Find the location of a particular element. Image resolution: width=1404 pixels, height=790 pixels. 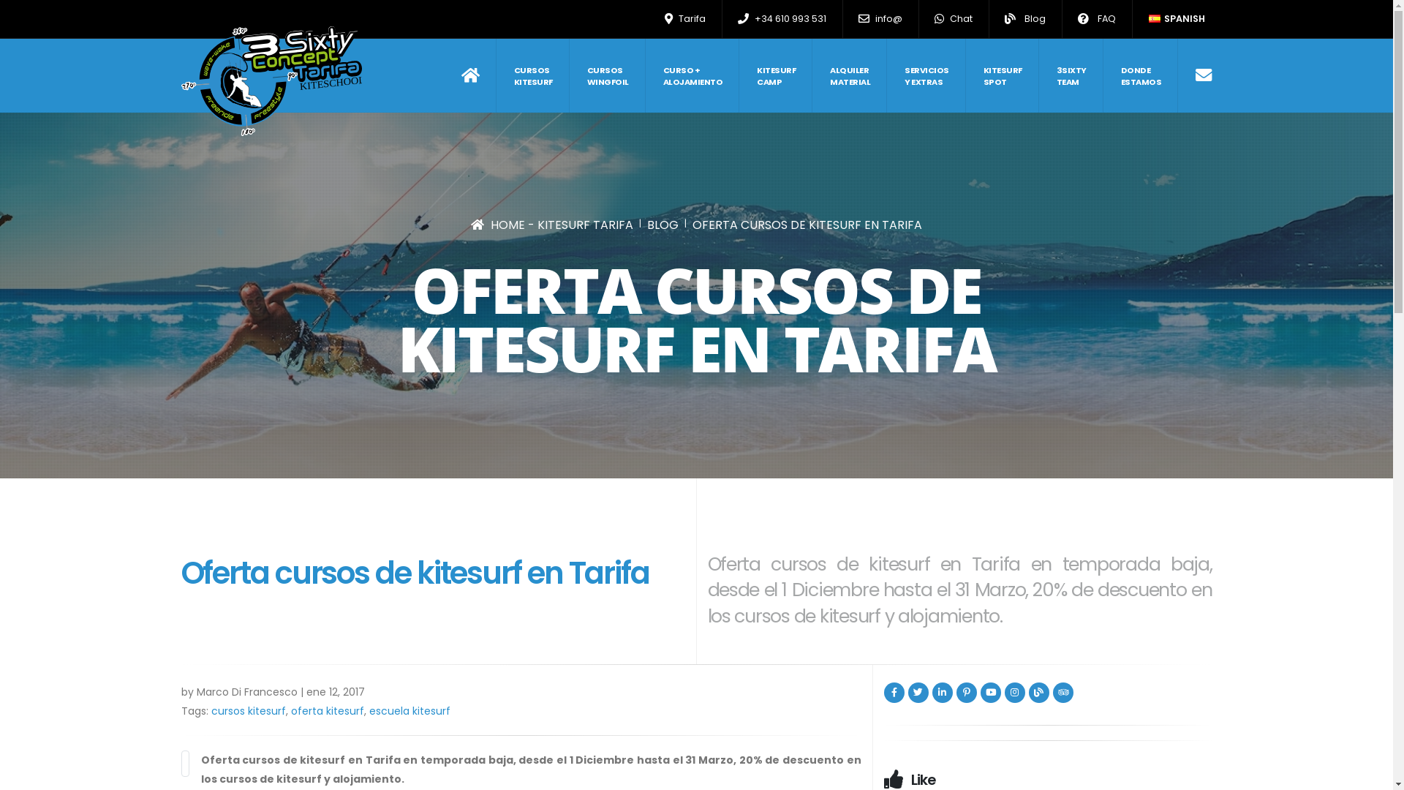

'oferta kitesurf' is located at coordinates (326, 710).